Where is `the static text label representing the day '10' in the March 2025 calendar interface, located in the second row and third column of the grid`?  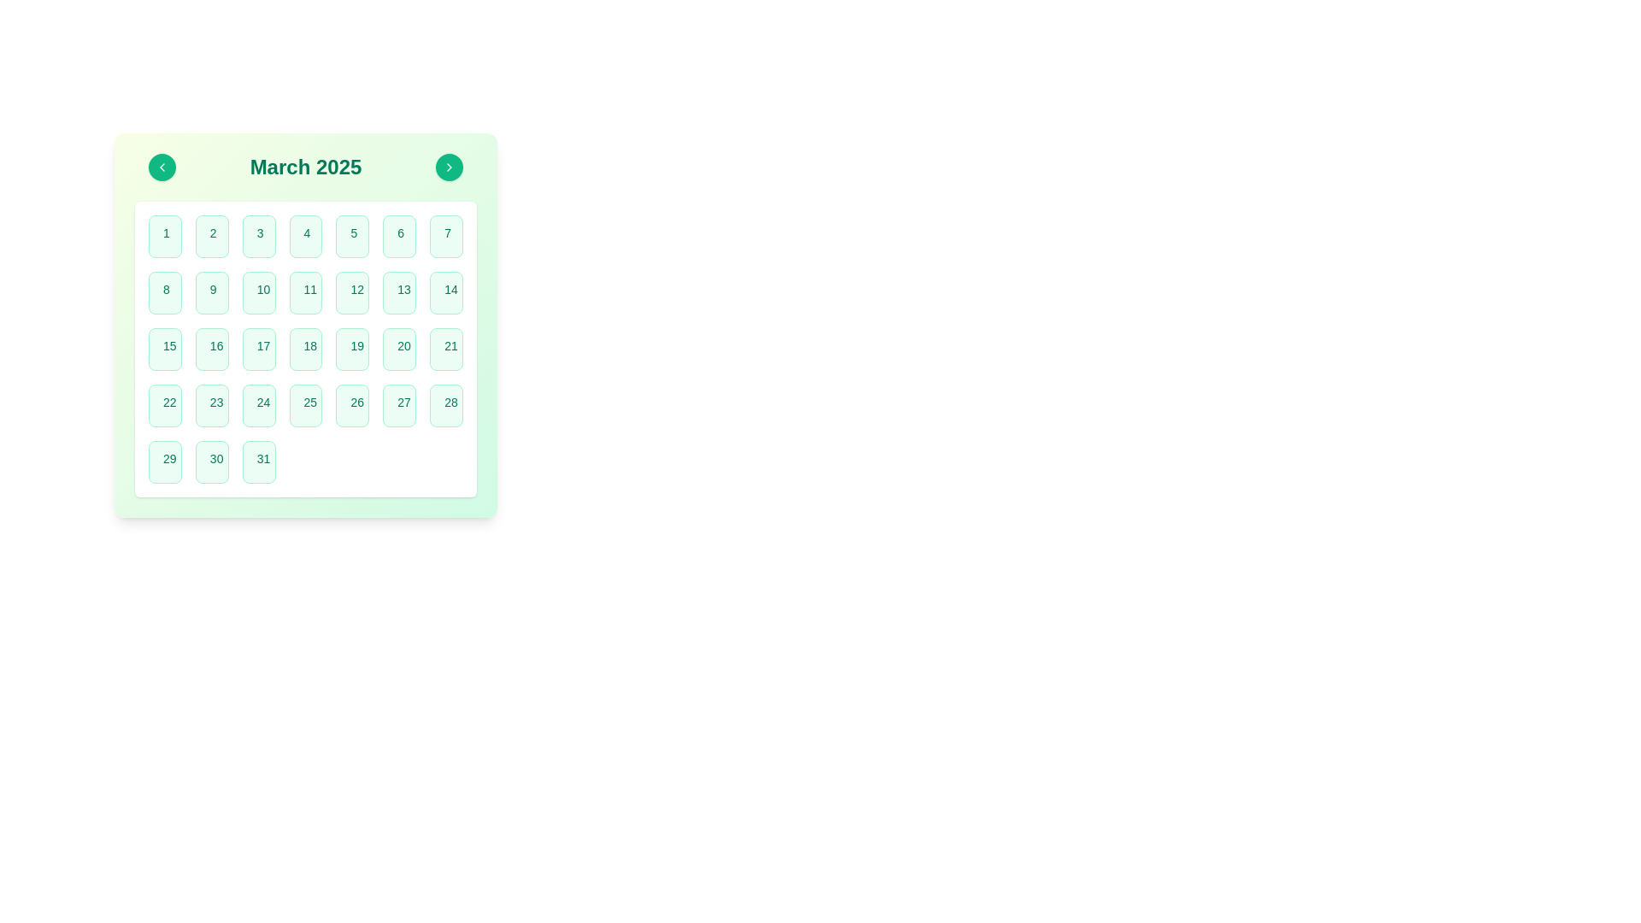
the static text label representing the day '10' in the March 2025 calendar interface, located in the second row and third column of the grid is located at coordinates (262, 289).